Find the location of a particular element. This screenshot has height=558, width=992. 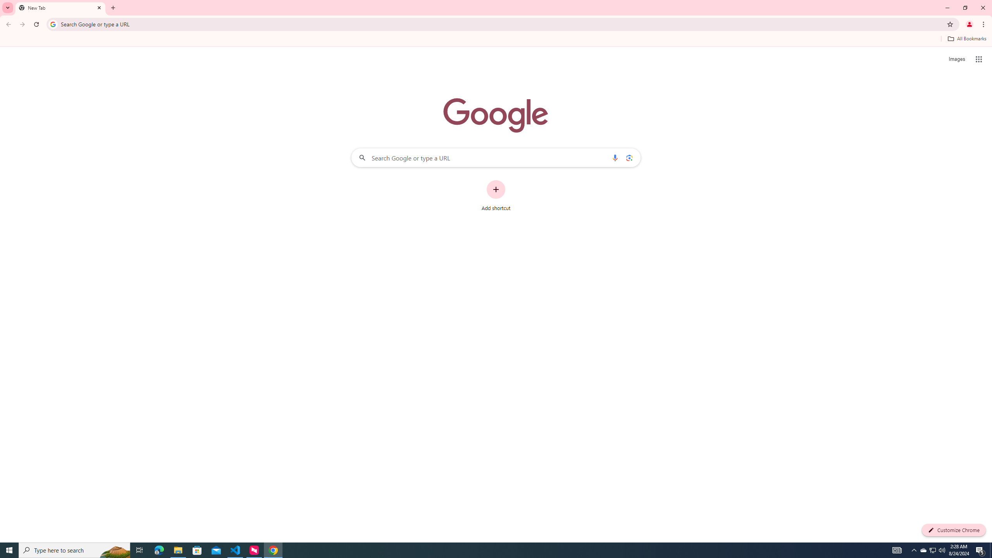

'Add shortcut' is located at coordinates (496, 196).